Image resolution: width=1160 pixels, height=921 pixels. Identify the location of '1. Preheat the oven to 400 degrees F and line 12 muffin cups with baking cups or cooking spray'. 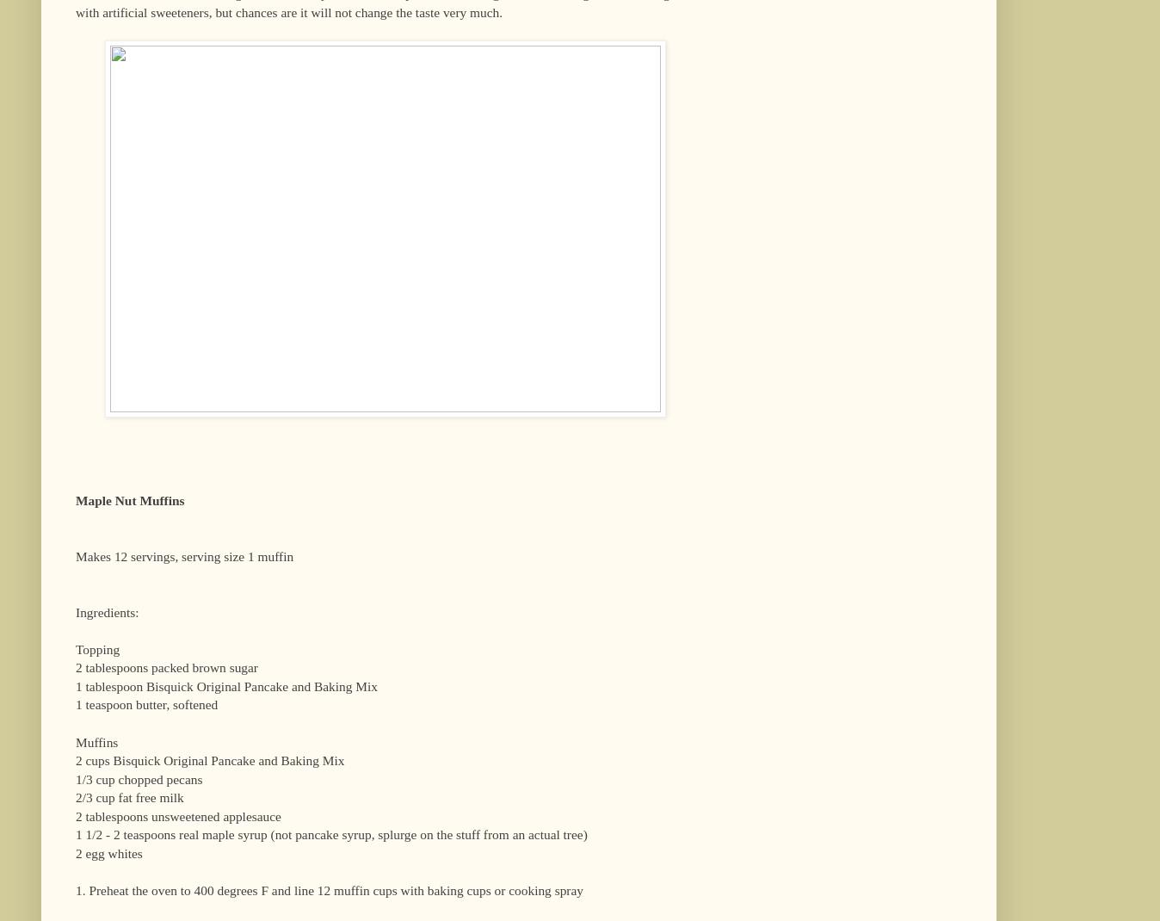
(328, 890).